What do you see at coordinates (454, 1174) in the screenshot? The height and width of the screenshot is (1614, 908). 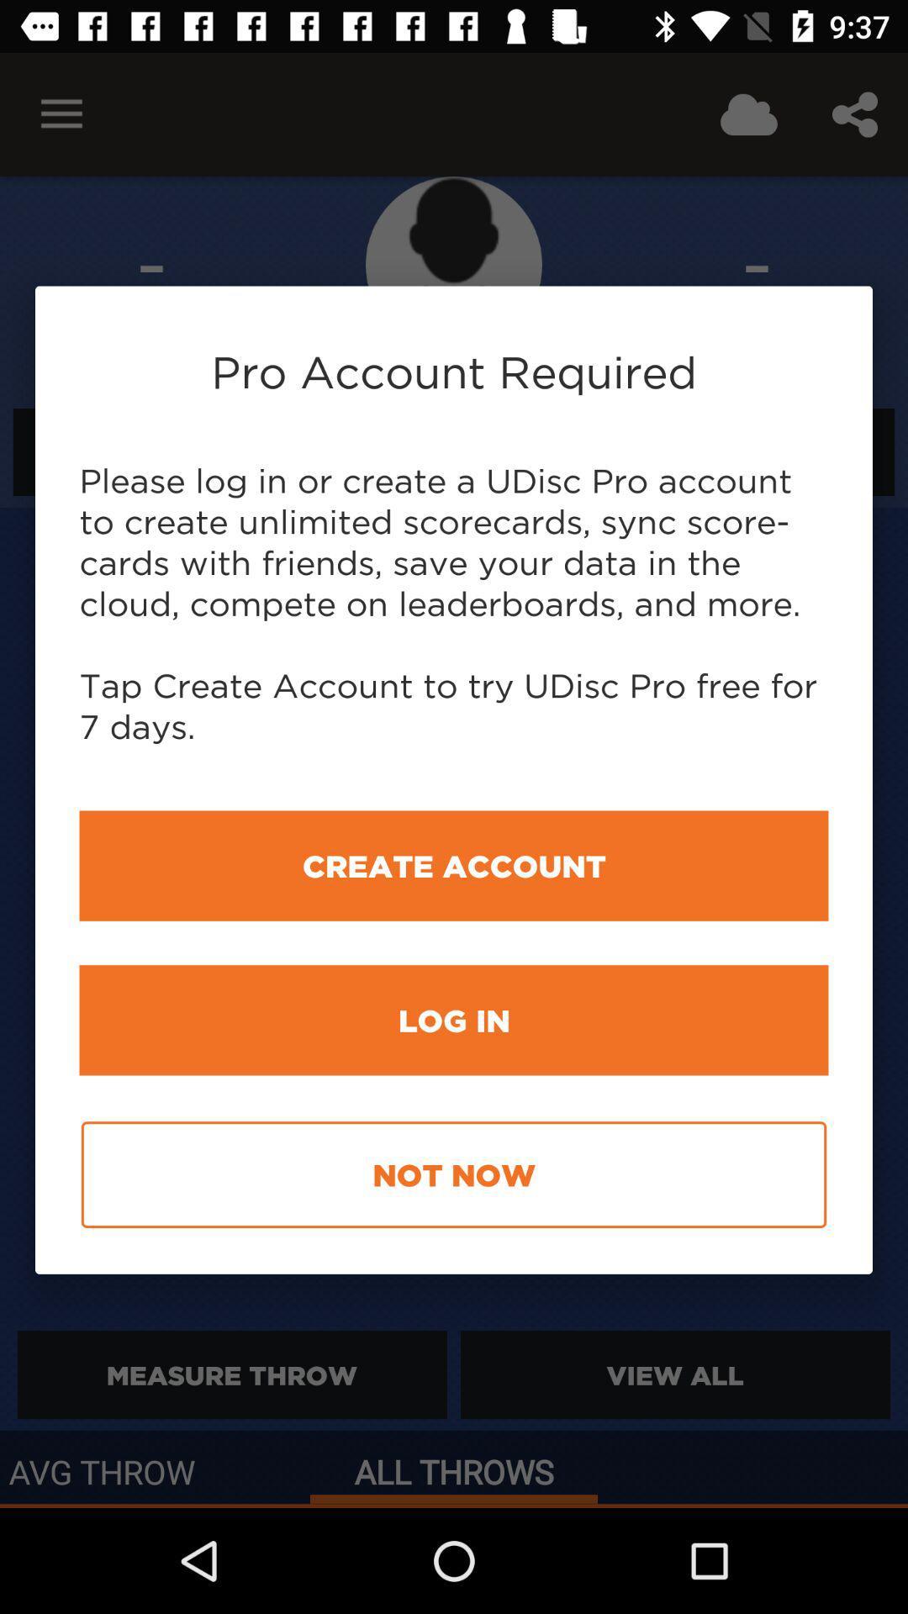 I see `the item at the bottom` at bounding box center [454, 1174].